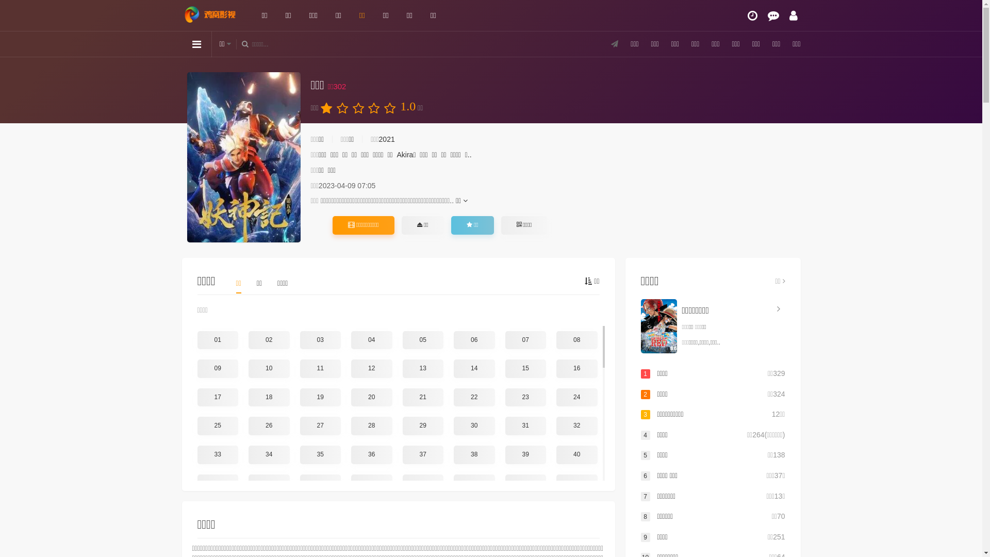 This screenshot has height=557, width=990. I want to click on '07', so click(525, 340).